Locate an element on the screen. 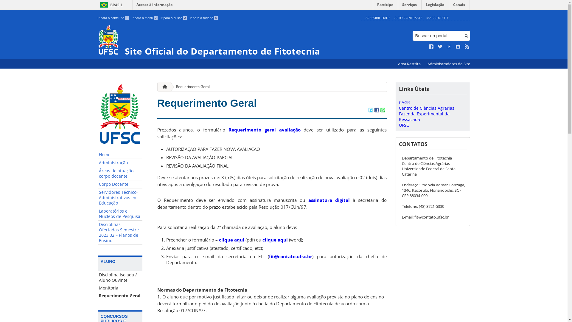 The image size is (572, 322). 'Fazenda Experimental da Ressacada' is located at coordinates (423, 116).